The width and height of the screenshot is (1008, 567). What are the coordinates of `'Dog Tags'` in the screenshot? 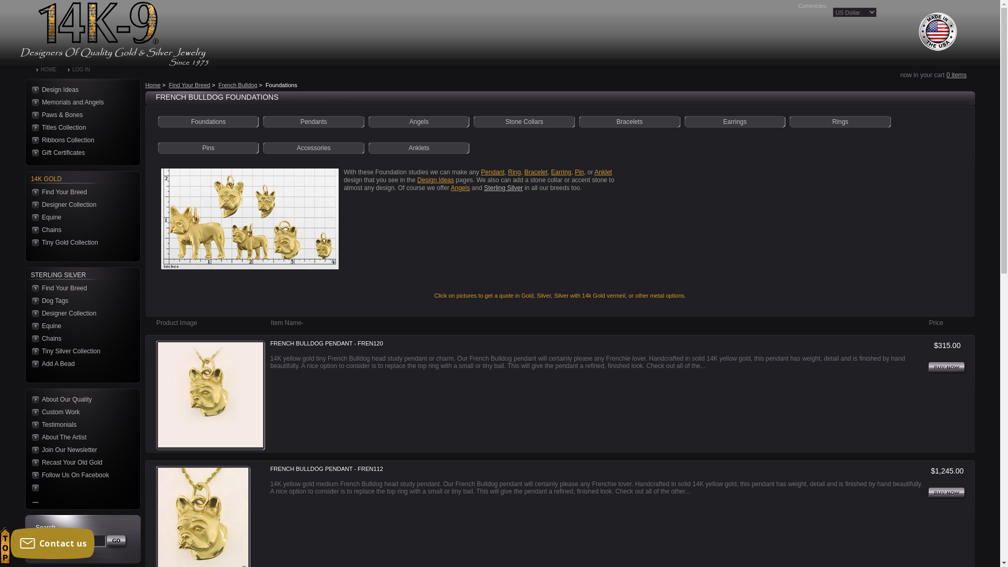 It's located at (79, 301).